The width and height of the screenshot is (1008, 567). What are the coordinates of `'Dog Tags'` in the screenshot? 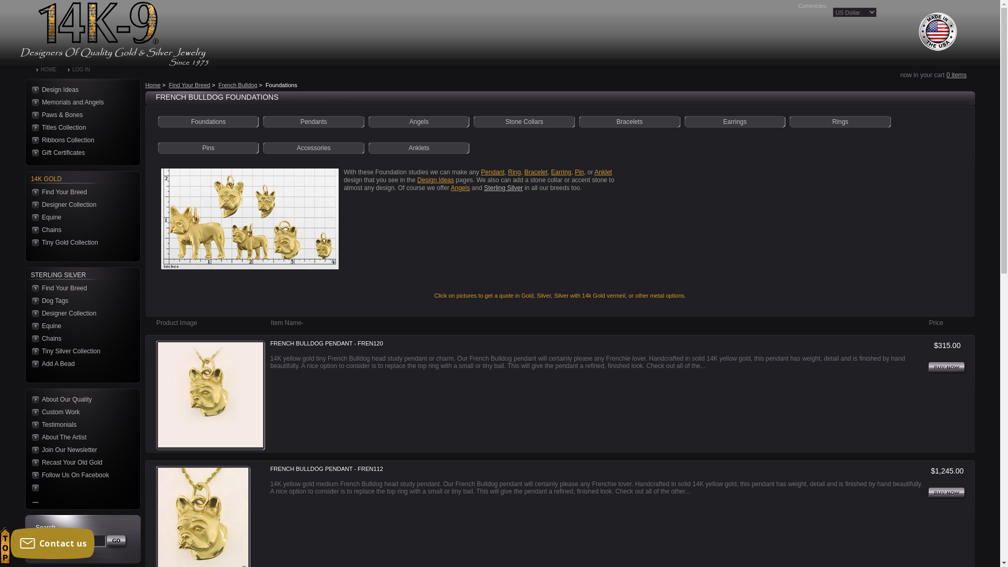 It's located at (79, 301).